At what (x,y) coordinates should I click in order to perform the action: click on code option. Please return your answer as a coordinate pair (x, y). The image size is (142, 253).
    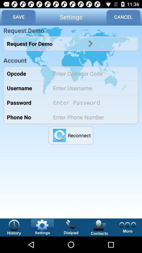
    Looking at the image, I should click on (92, 73).